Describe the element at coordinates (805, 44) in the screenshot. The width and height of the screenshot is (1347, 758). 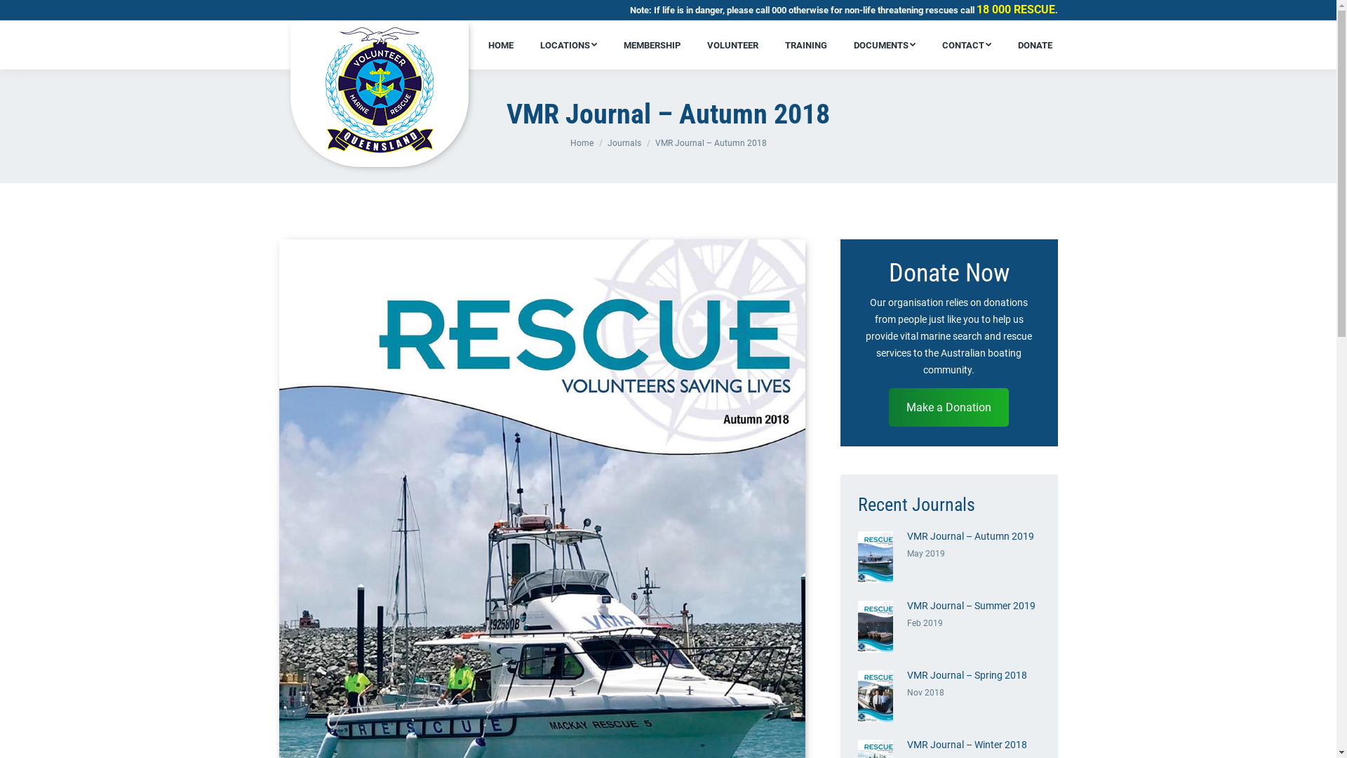
I see `'TRAINING'` at that location.